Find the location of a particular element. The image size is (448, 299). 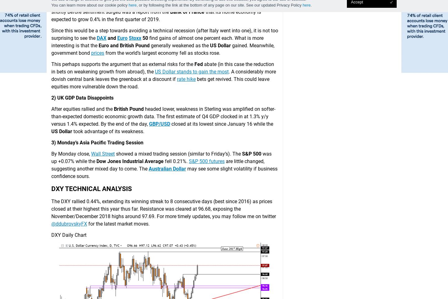

'prices' is located at coordinates (98, 53).